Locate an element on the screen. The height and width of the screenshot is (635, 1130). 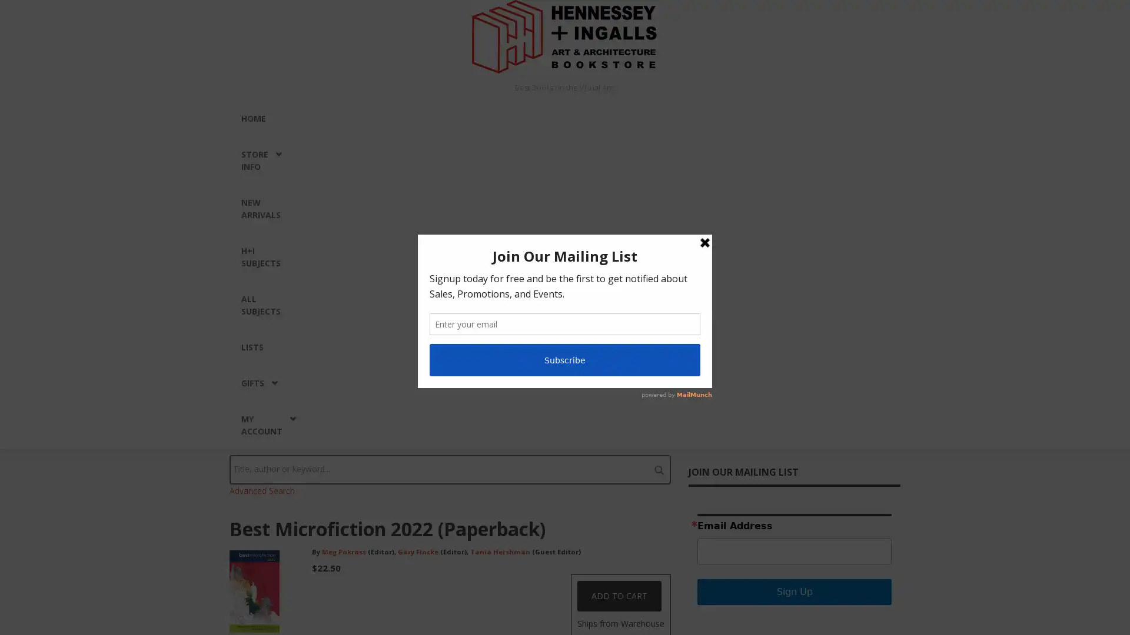
Sign Up is located at coordinates (794, 591).